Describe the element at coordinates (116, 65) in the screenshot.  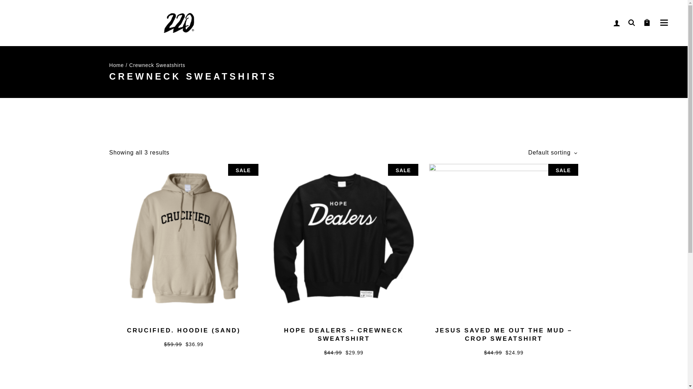
I see `'Home'` at that location.